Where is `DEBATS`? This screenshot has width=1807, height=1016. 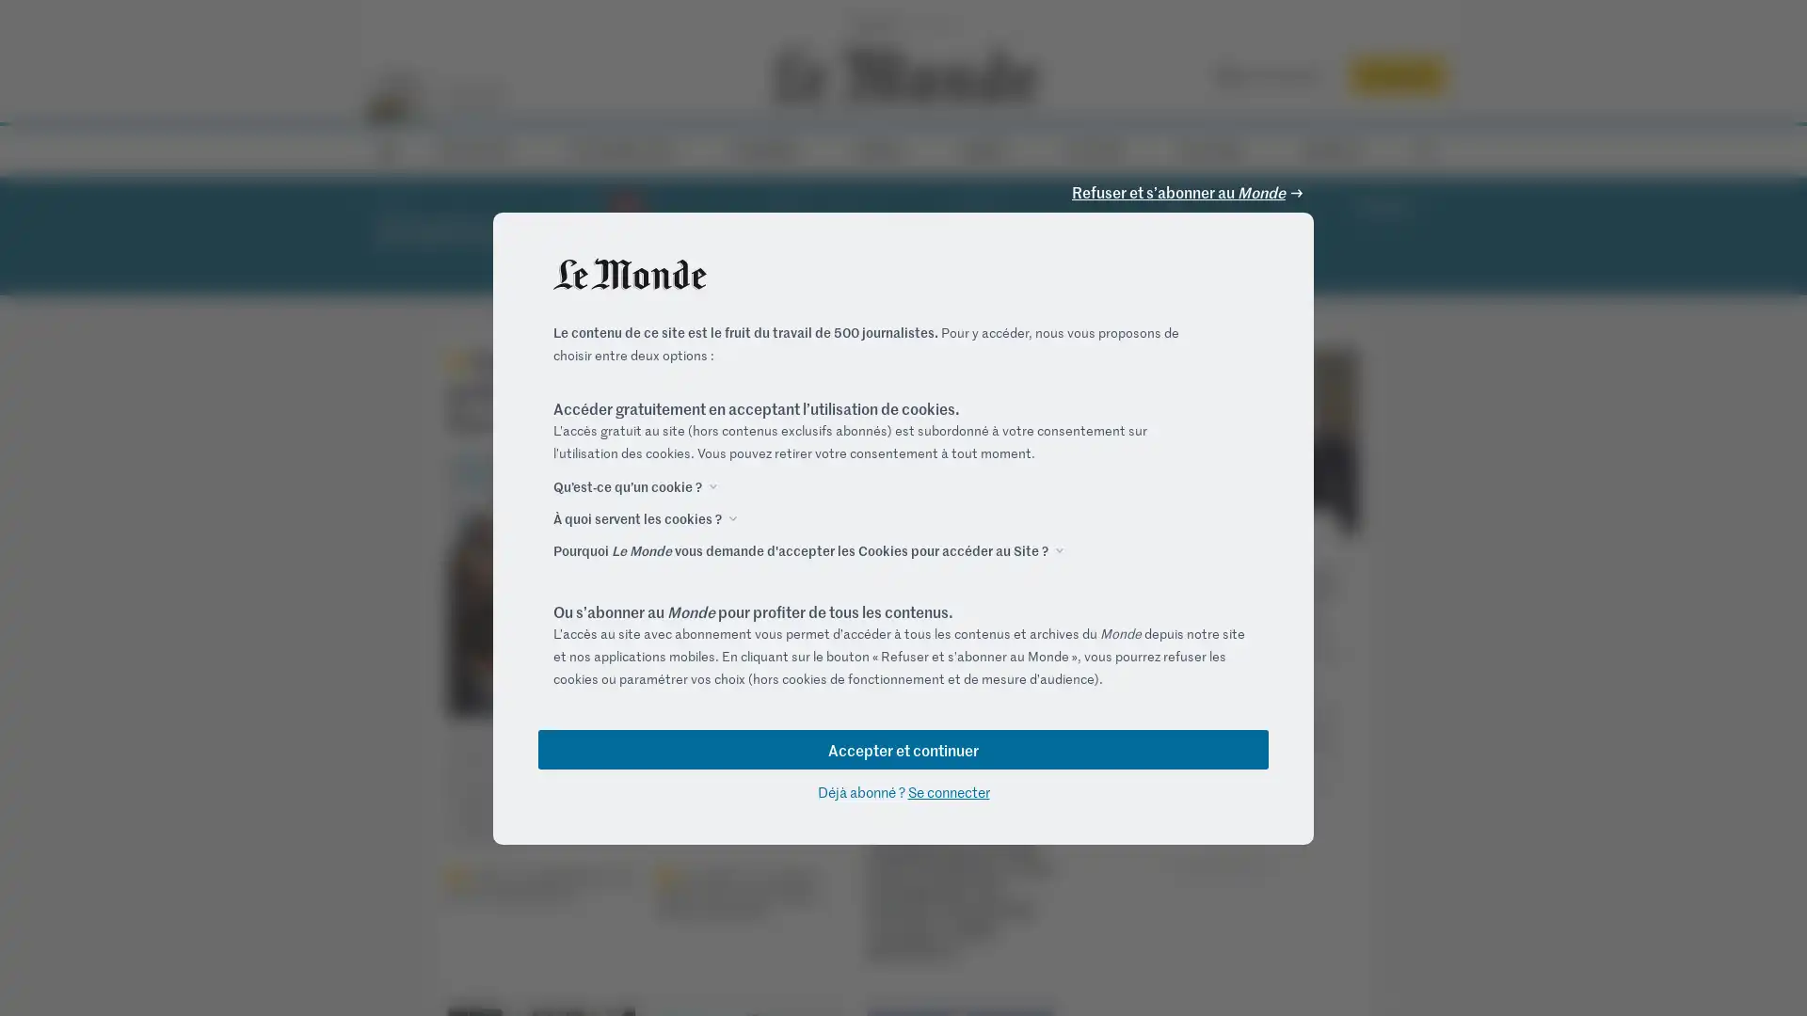
DEBATS is located at coordinates (992, 149).